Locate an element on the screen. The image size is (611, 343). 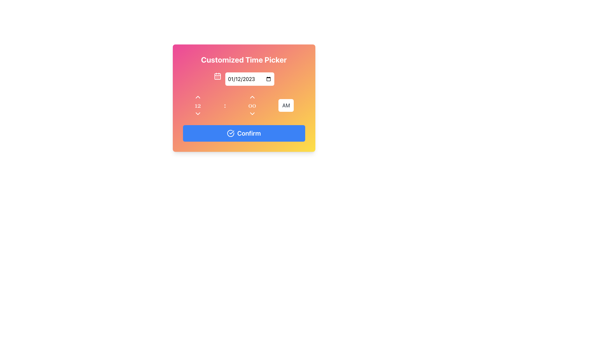
the dropdown indicator icon located at the center-right of the time picker component is located at coordinates (252, 113).